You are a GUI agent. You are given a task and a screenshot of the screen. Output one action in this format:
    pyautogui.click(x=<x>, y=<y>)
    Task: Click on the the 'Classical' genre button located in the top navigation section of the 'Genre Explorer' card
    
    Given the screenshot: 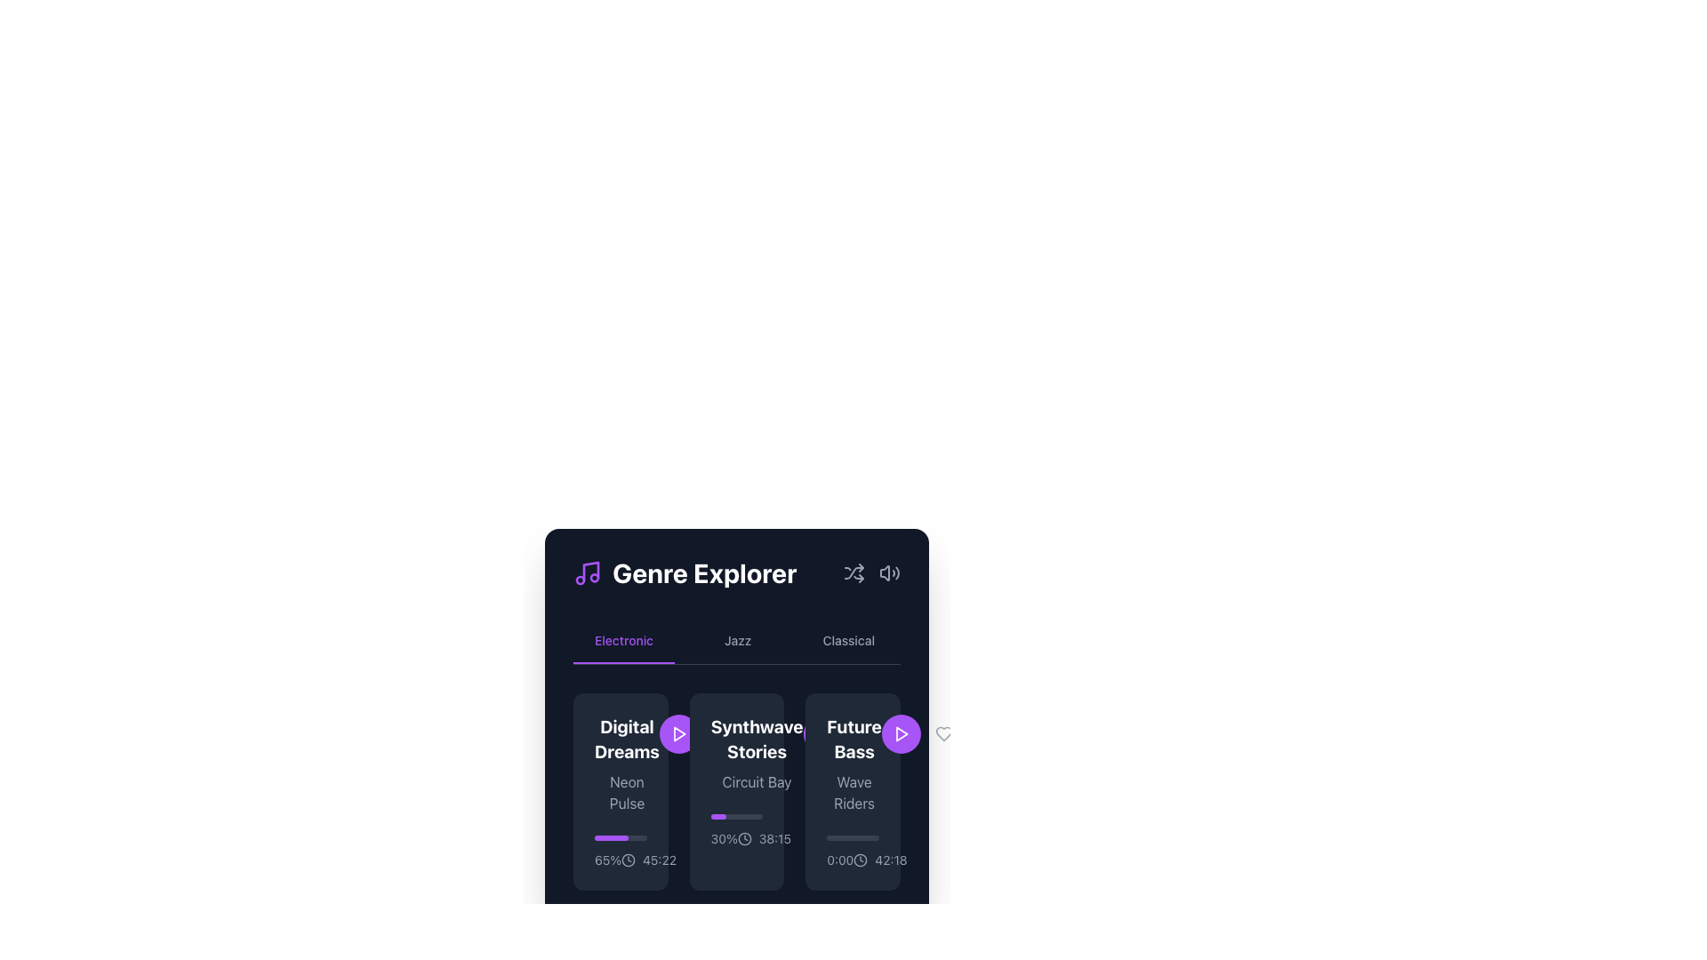 What is the action you would take?
    pyautogui.click(x=847, y=641)
    